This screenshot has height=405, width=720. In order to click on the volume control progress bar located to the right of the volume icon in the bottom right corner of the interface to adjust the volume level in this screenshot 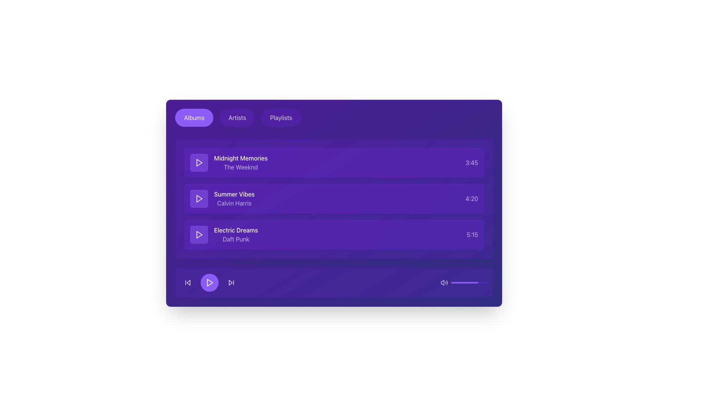, I will do `click(469, 282)`.